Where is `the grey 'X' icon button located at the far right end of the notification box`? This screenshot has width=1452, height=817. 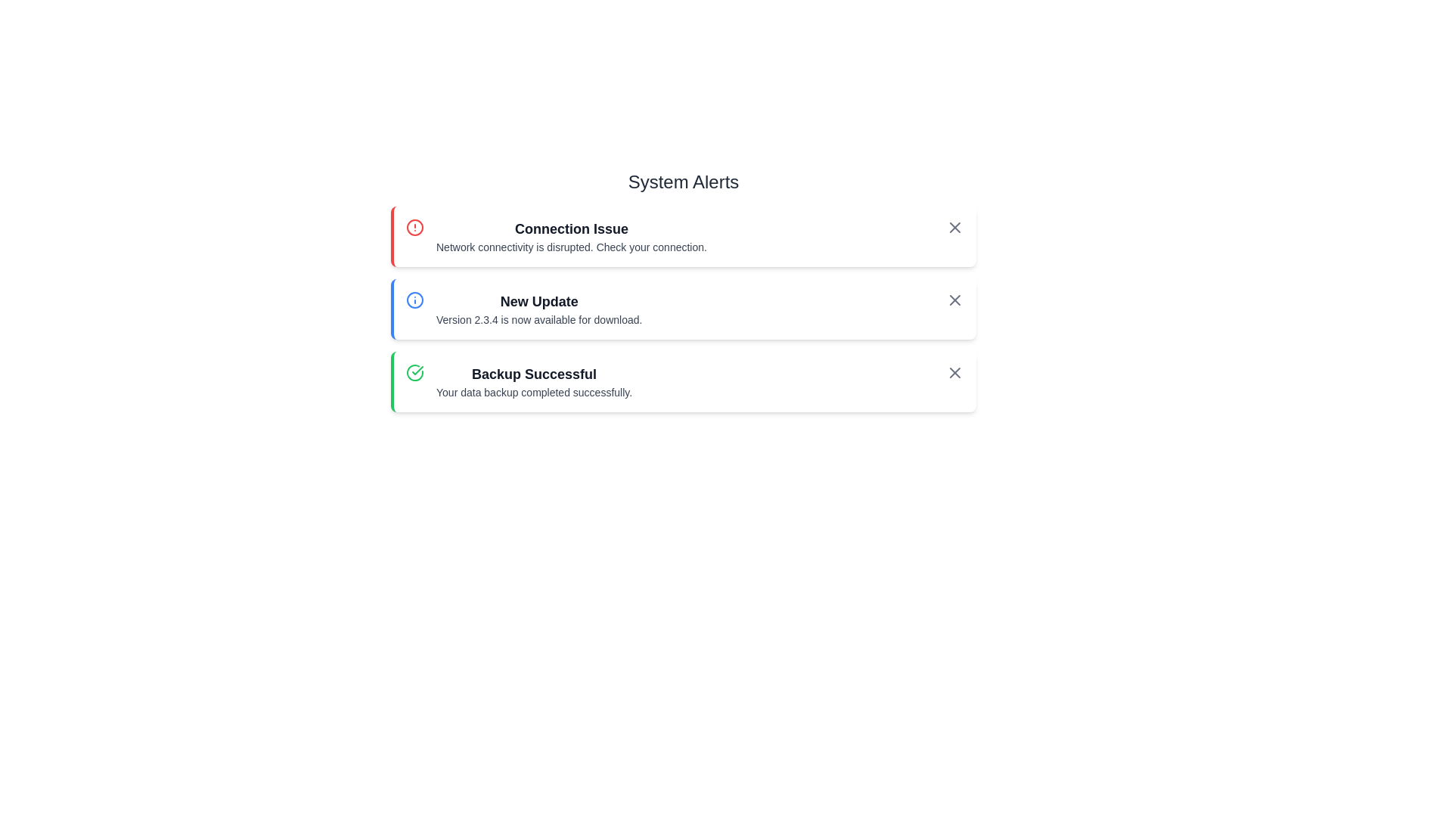
the grey 'X' icon button located at the far right end of the notification box is located at coordinates (954, 373).